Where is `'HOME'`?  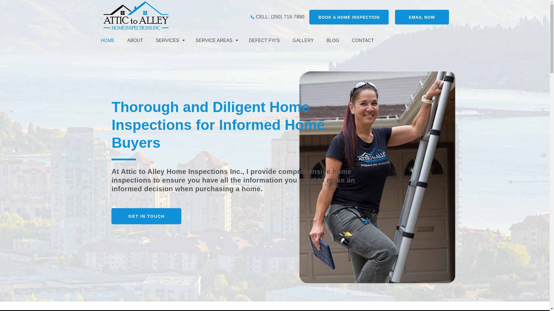 'HOME' is located at coordinates (111, 40).